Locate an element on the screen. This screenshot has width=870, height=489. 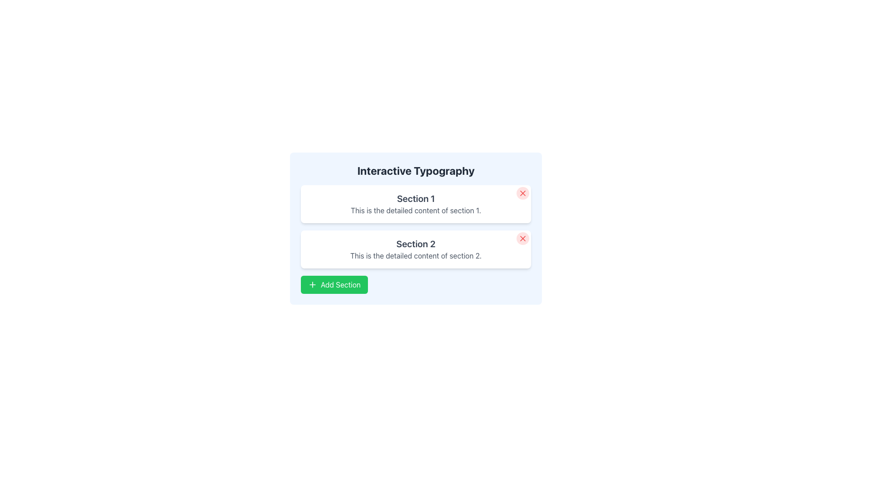
the delete button with a light red background and a red 'X' symbol, located at the top-right corner of the card, to change its background color is located at coordinates (522, 238).